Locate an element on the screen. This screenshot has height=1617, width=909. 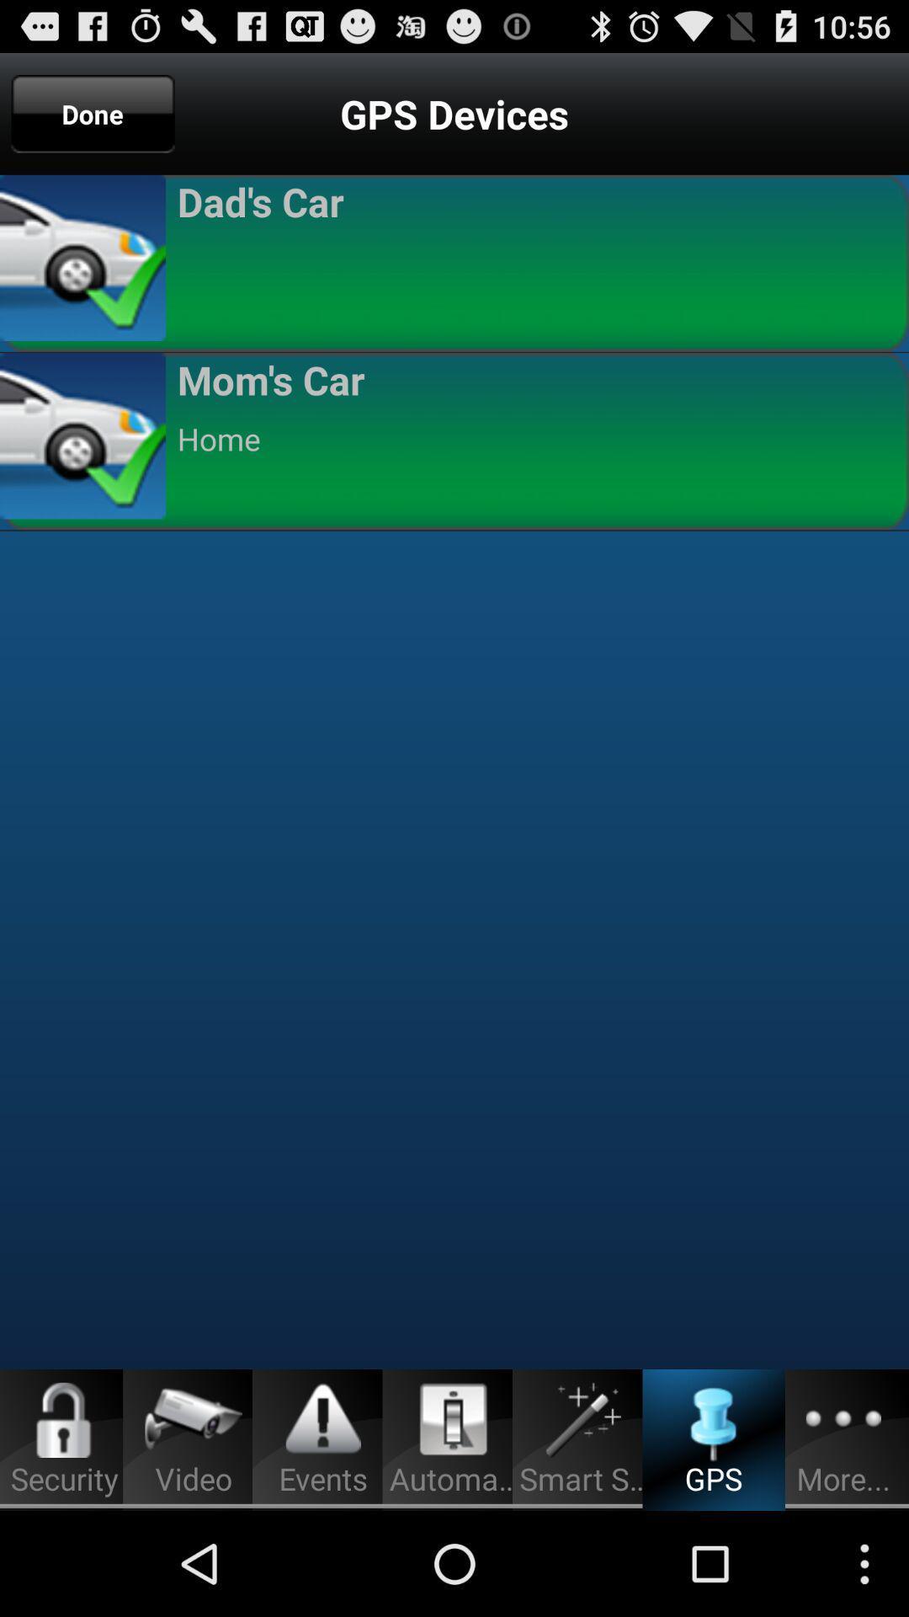
the item next to gps devices icon is located at coordinates (93, 113).